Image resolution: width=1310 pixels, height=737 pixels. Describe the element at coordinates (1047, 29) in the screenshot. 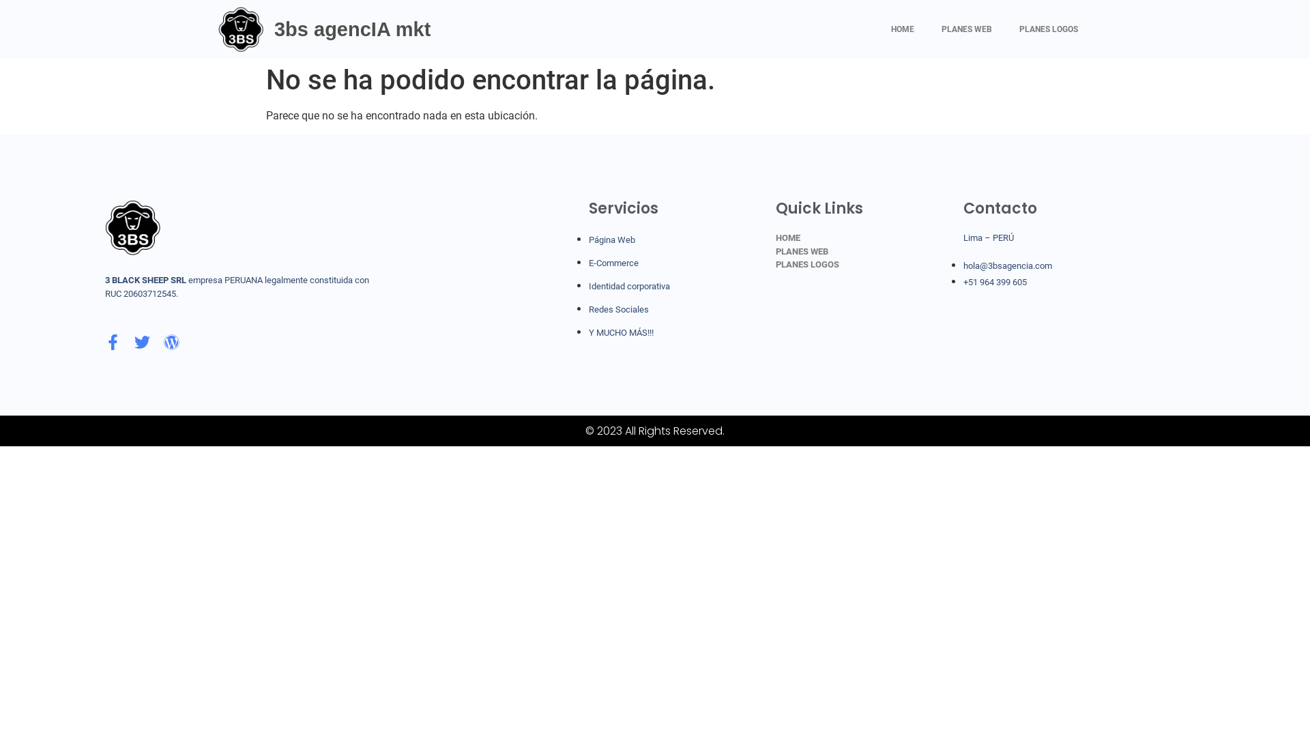

I see `'PLANES LOGOS'` at that location.